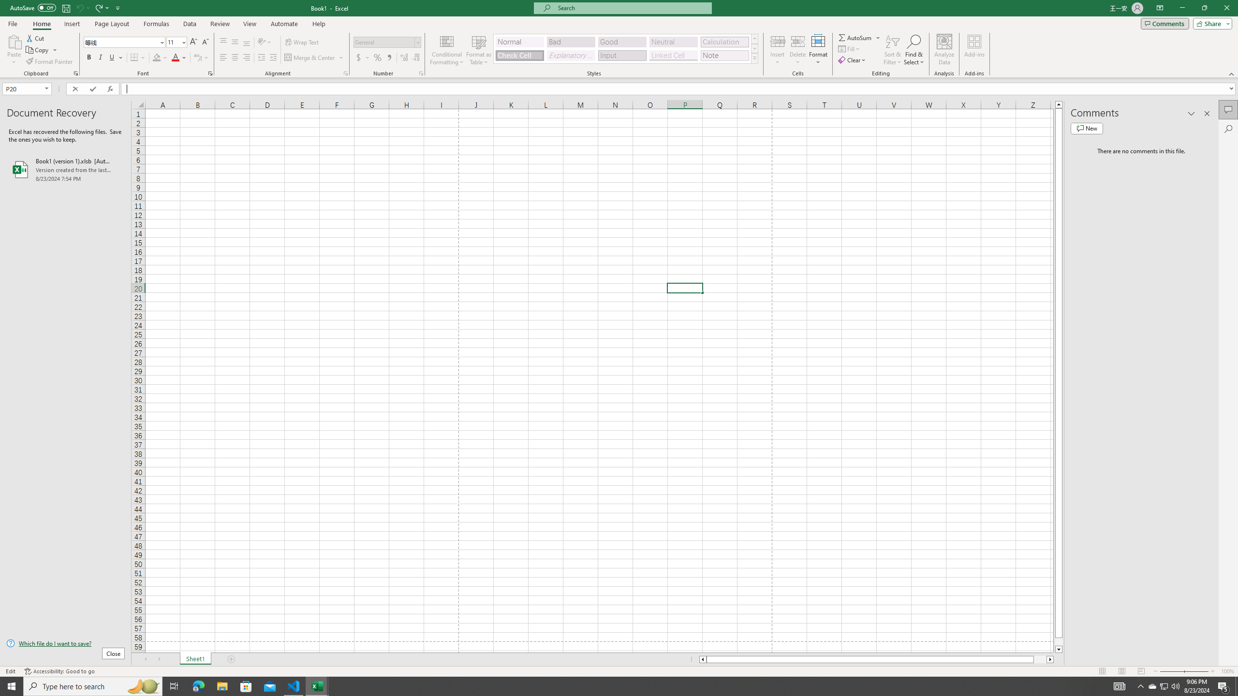 The width and height of the screenshot is (1238, 696). What do you see at coordinates (38, 50) in the screenshot?
I see `'Copy'` at bounding box center [38, 50].